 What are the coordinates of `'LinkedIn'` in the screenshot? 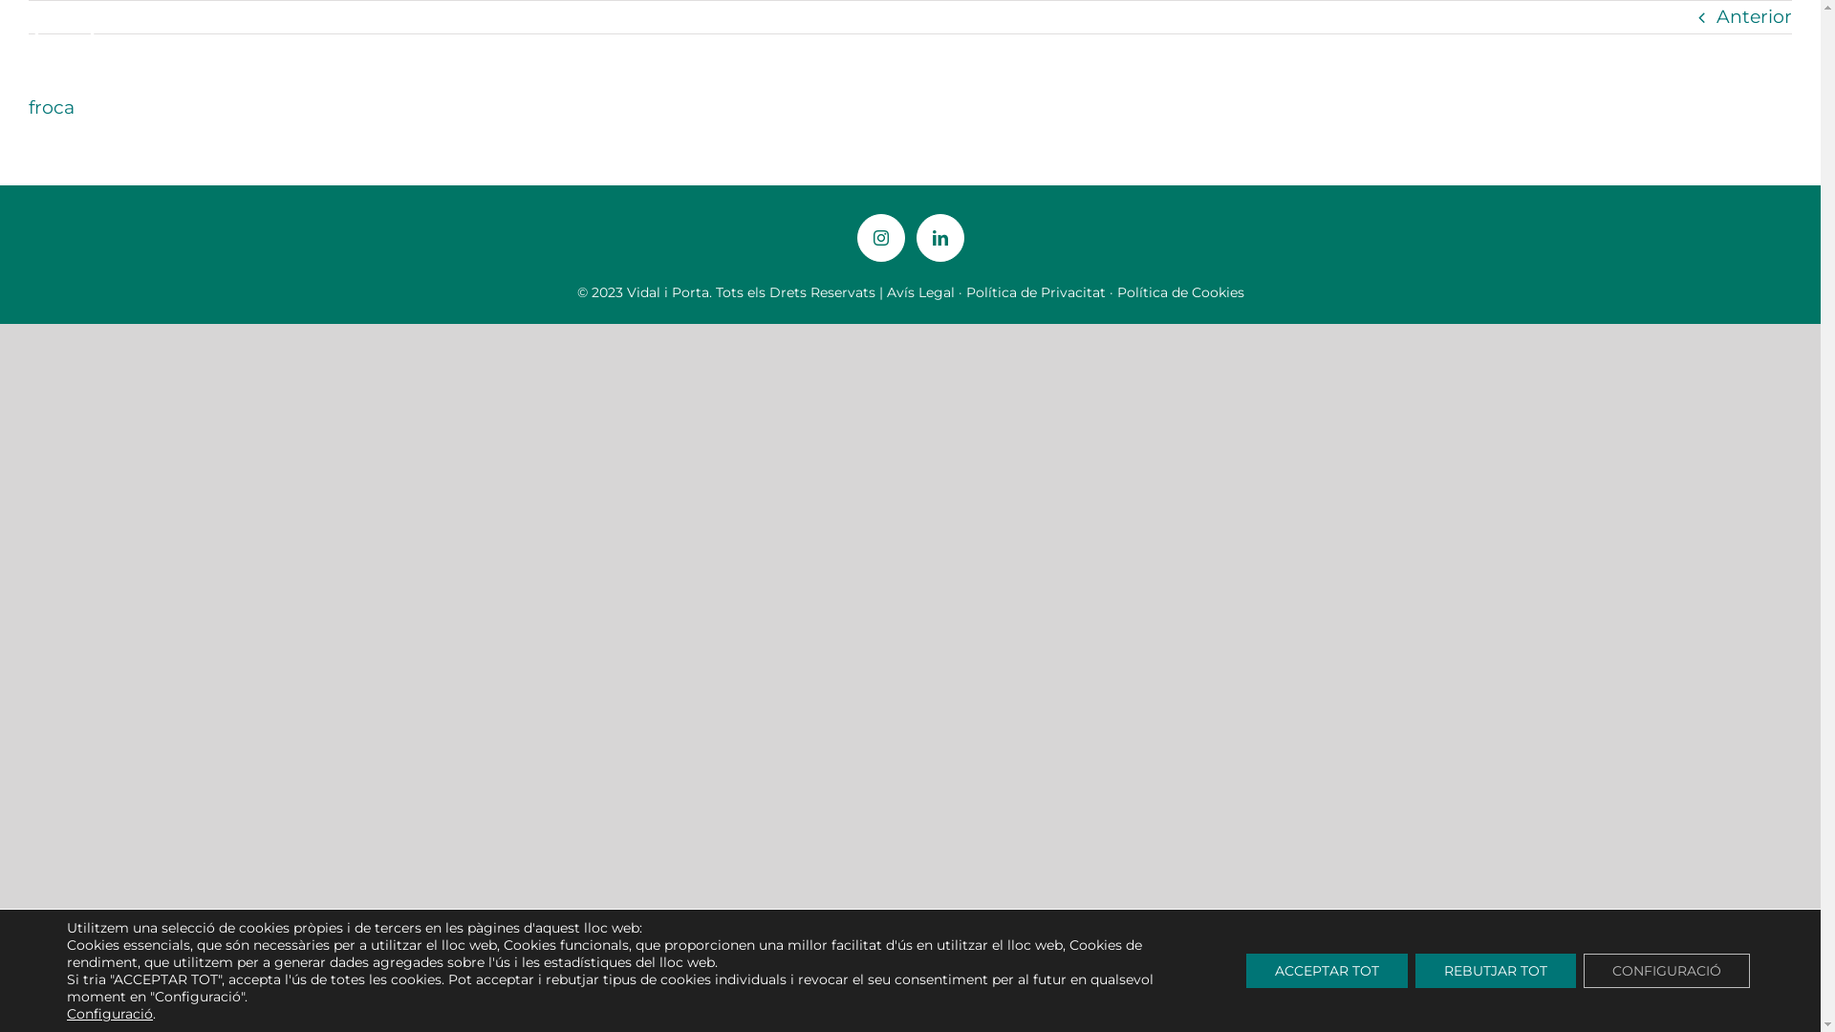 It's located at (939, 237).